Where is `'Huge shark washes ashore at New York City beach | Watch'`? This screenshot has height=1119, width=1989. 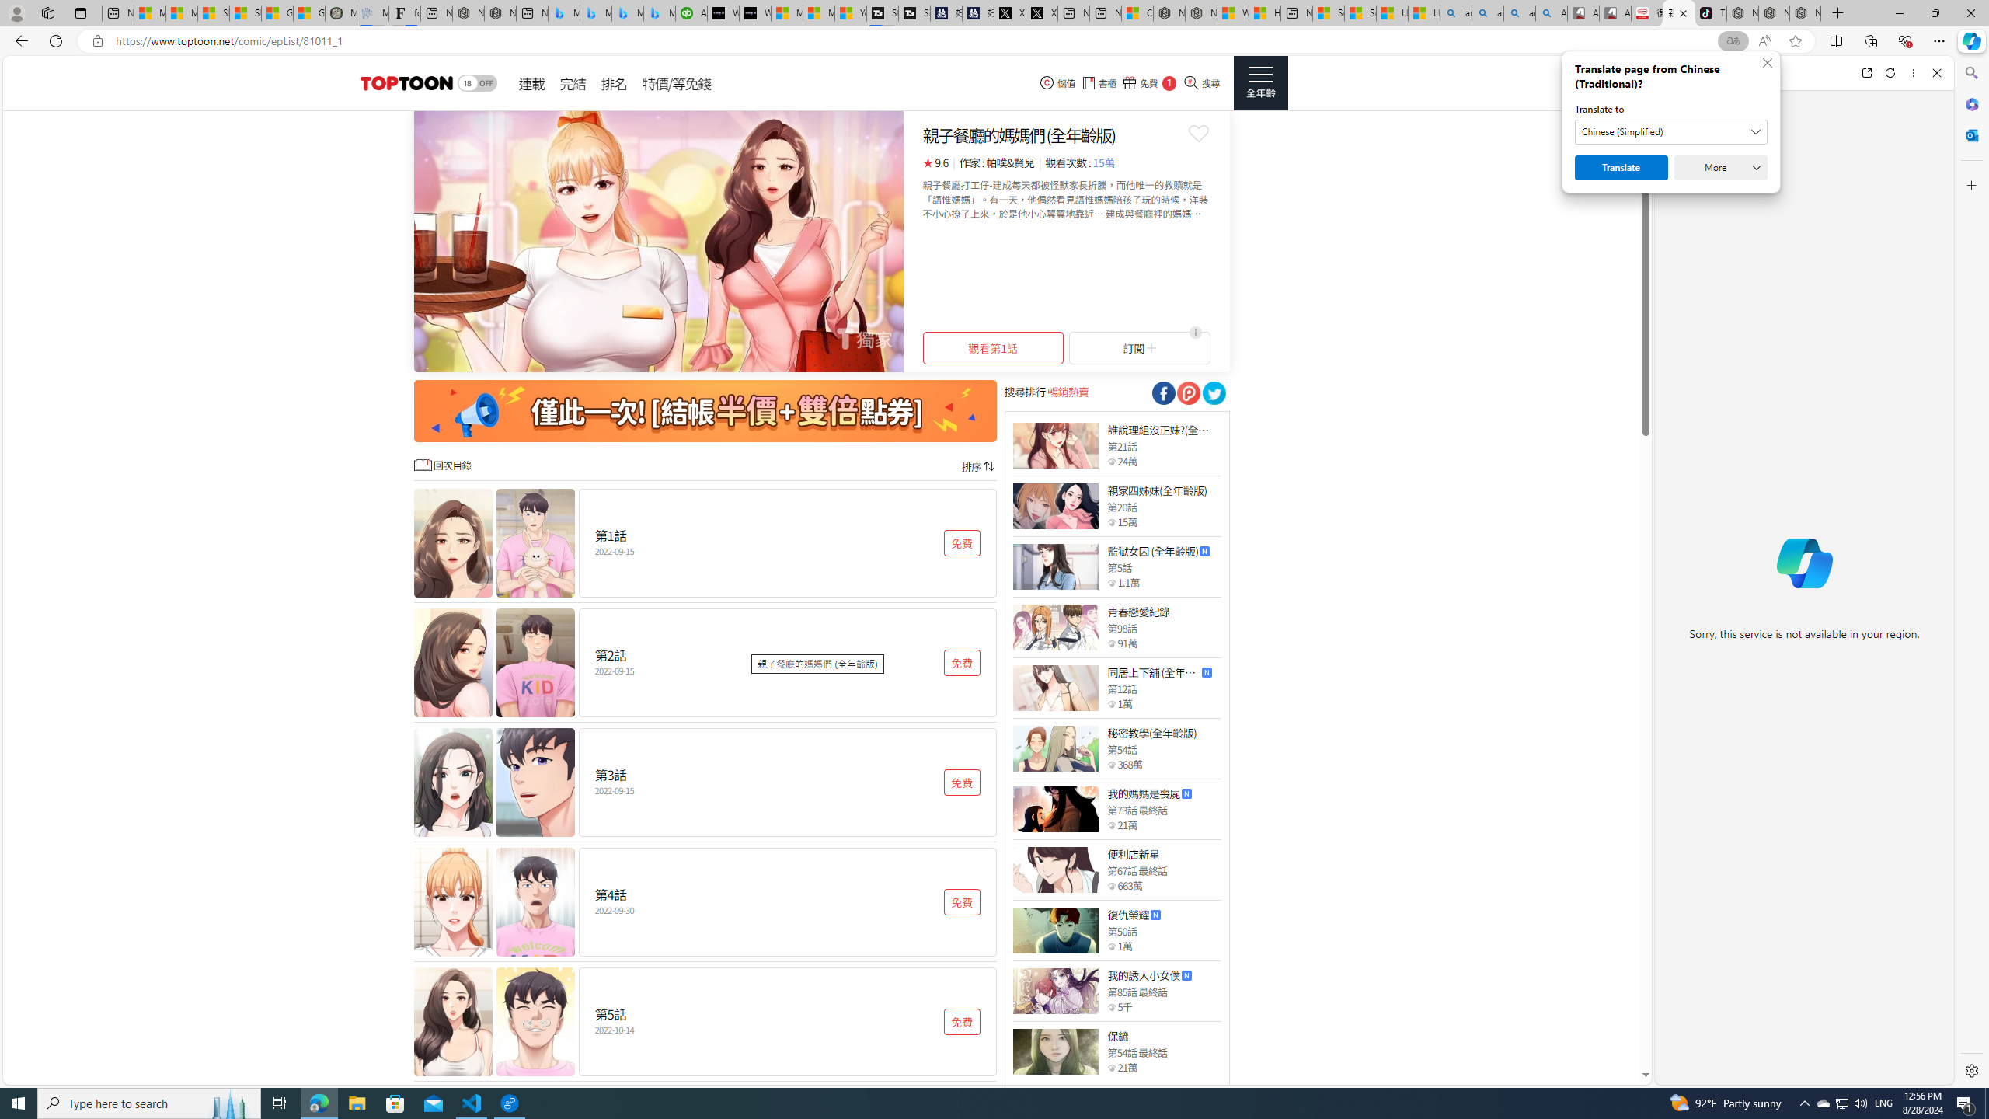
'Huge shark washes ashore at New York City beach | Watch' is located at coordinates (1264, 12).